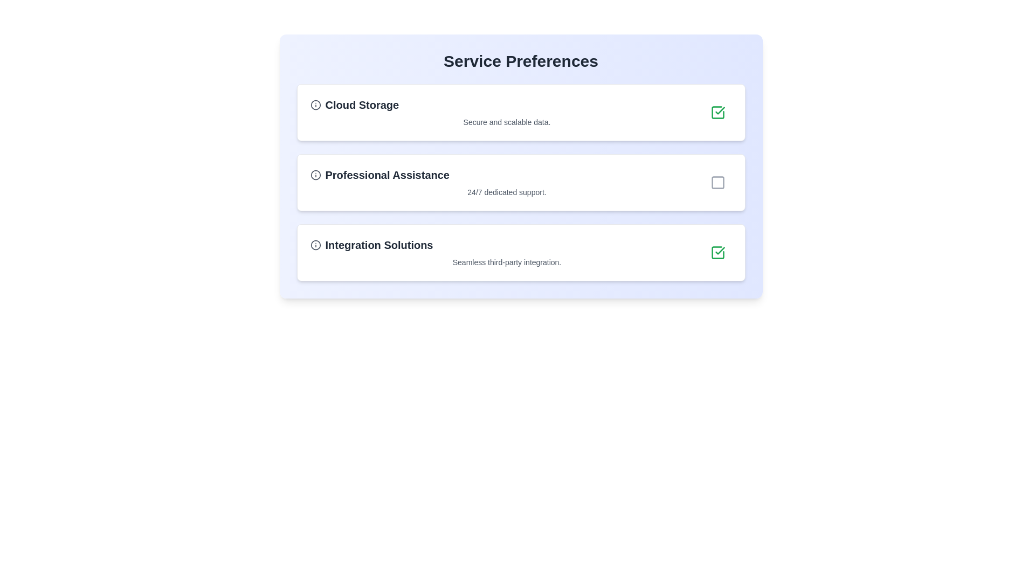 The width and height of the screenshot is (1035, 582). I want to click on the 'Cloud Storage' text label which serves as a heading for the service, positioned in the first item of the vertical list, aligned with an informational icon and a checkbox, so click(362, 105).